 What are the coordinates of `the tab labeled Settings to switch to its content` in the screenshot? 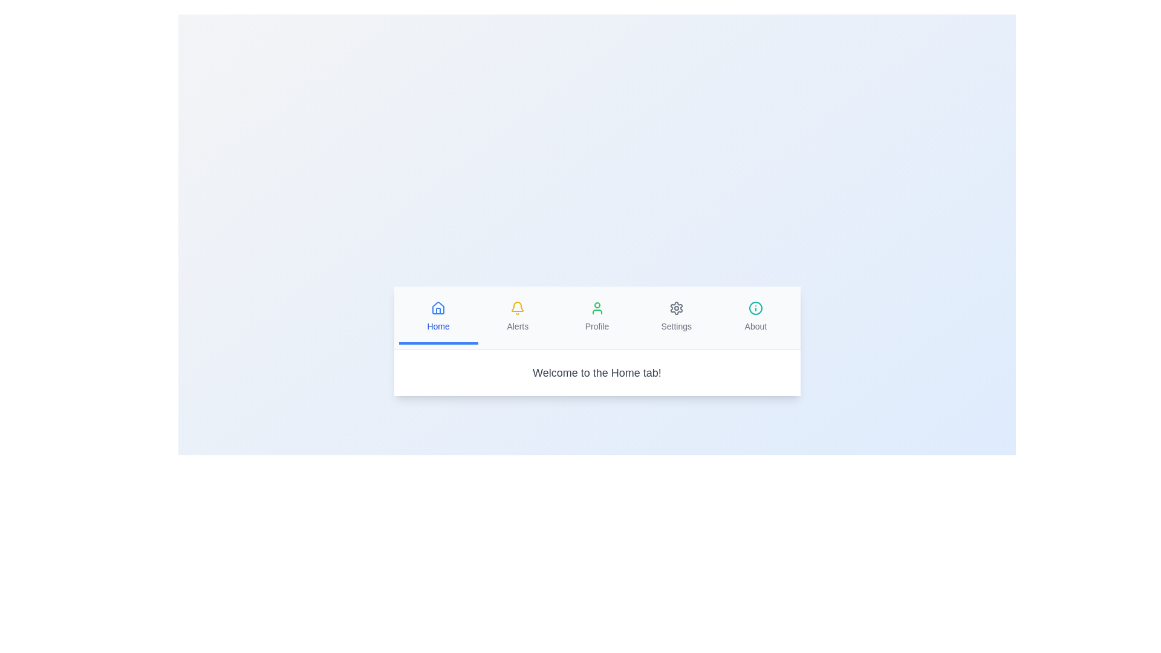 It's located at (675, 316).